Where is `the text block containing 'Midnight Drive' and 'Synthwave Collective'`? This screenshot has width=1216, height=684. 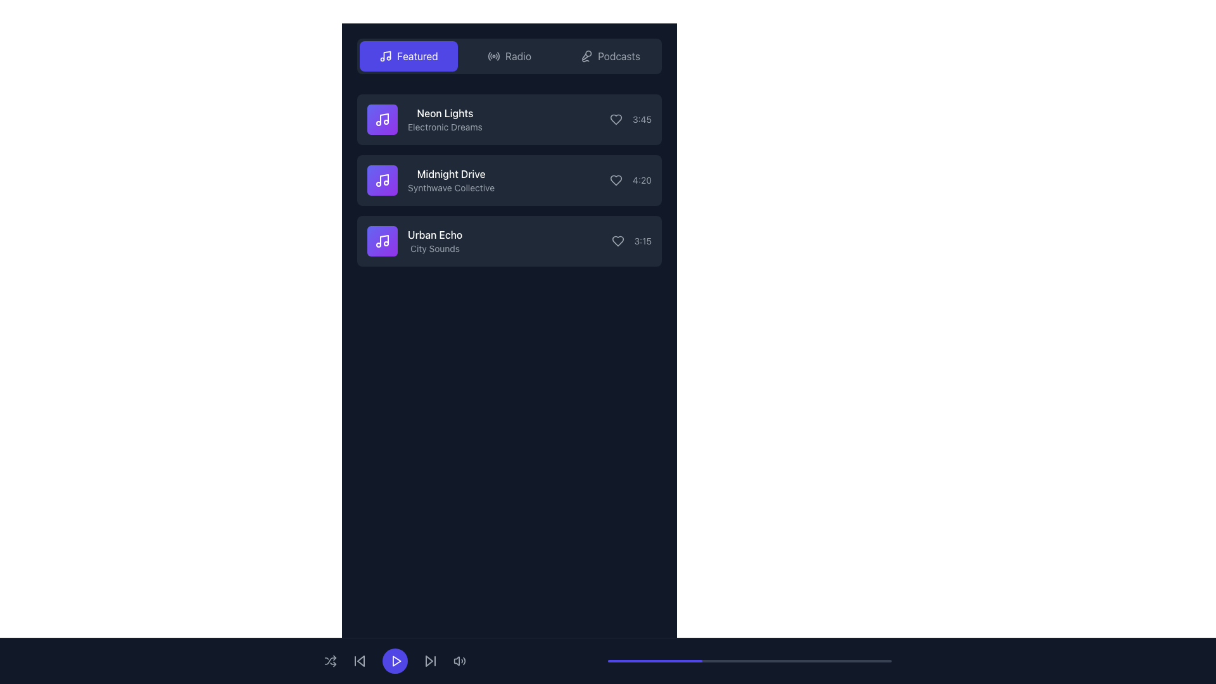 the text block containing 'Midnight Drive' and 'Synthwave Collective' is located at coordinates (451, 180).